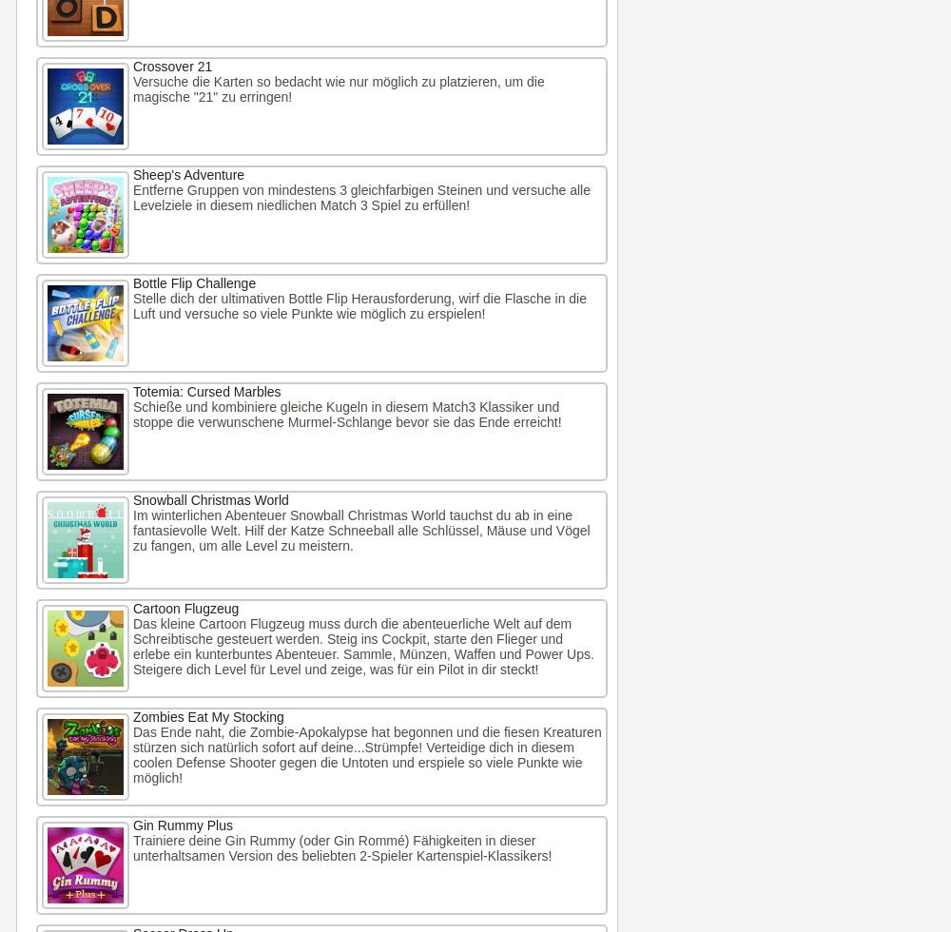  Describe the element at coordinates (346, 415) in the screenshot. I see `'Schieße und kombiniere gleiche Kugeln in diesem Match3 Klassiker und stoppe die verwunschene Murmel-Schlange bevor sie das Ende erreicht!'` at that location.